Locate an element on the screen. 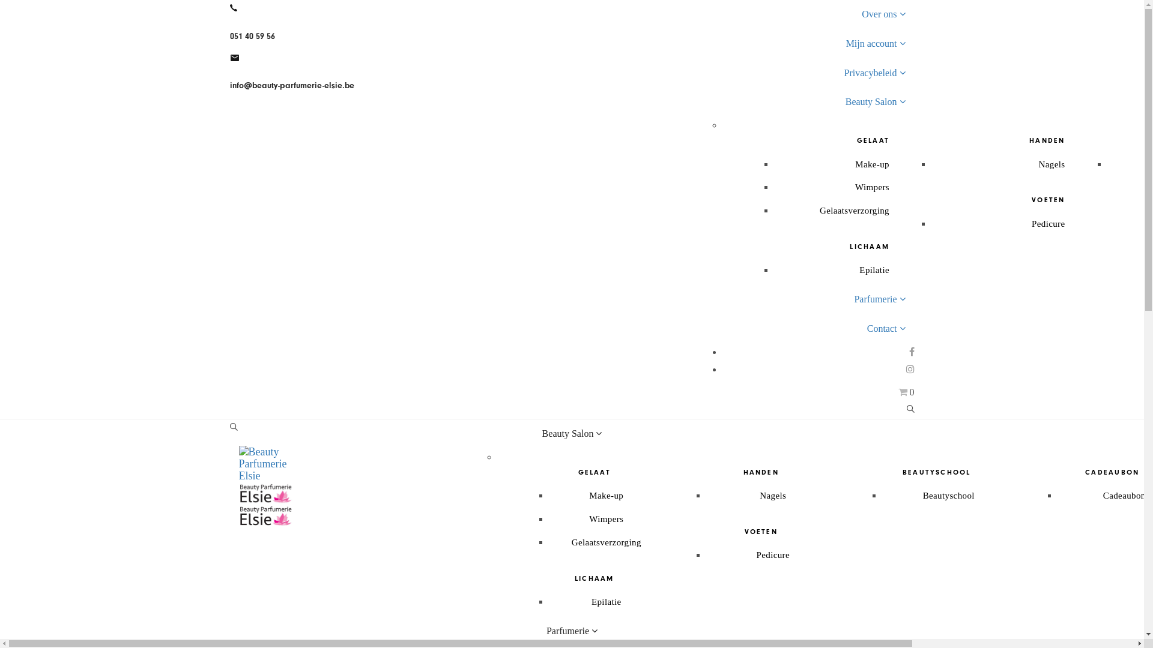 This screenshot has height=648, width=1153. 'Parfumerie' is located at coordinates (572, 631).